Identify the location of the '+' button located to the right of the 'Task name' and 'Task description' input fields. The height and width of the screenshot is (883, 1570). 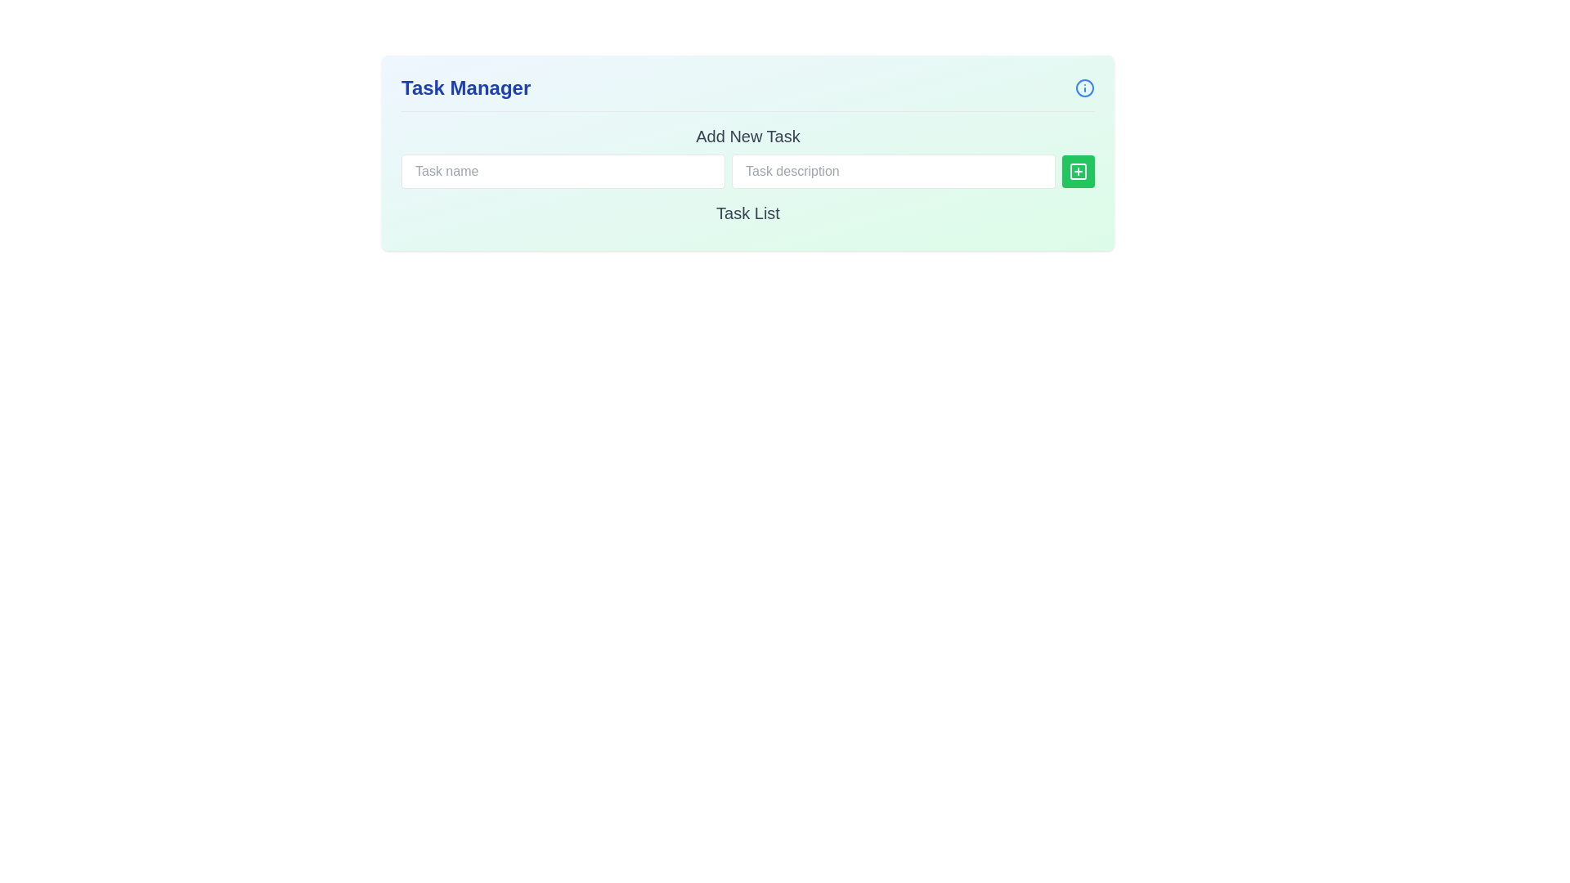
(1079, 171).